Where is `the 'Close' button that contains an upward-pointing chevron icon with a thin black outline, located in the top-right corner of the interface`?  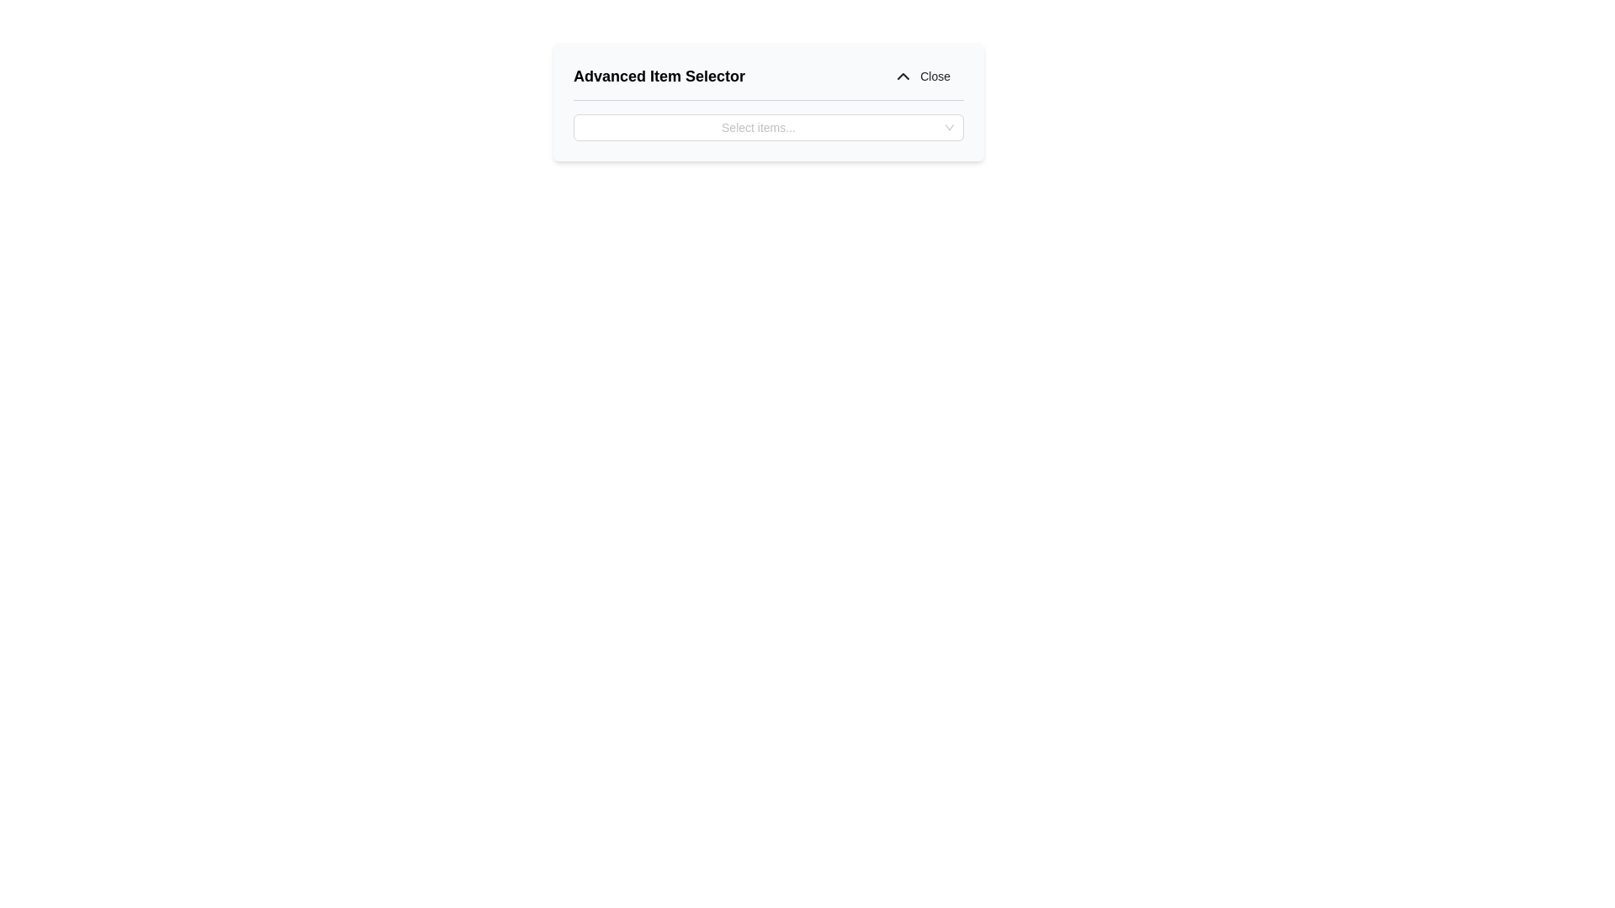
the 'Close' button that contains an upward-pointing chevron icon with a thin black outline, located in the top-right corner of the interface is located at coordinates (903, 77).